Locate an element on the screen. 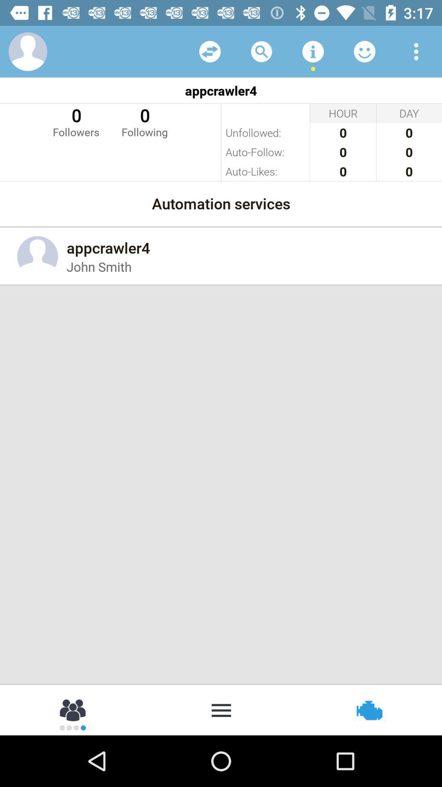 The height and width of the screenshot is (787, 442). 0 is located at coordinates (76, 121).